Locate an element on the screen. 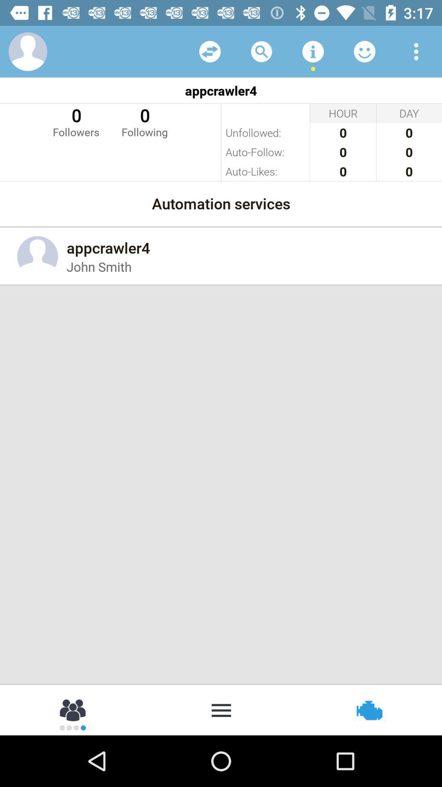 The height and width of the screenshot is (787, 442). 0 is located at coordinates (76, 121).